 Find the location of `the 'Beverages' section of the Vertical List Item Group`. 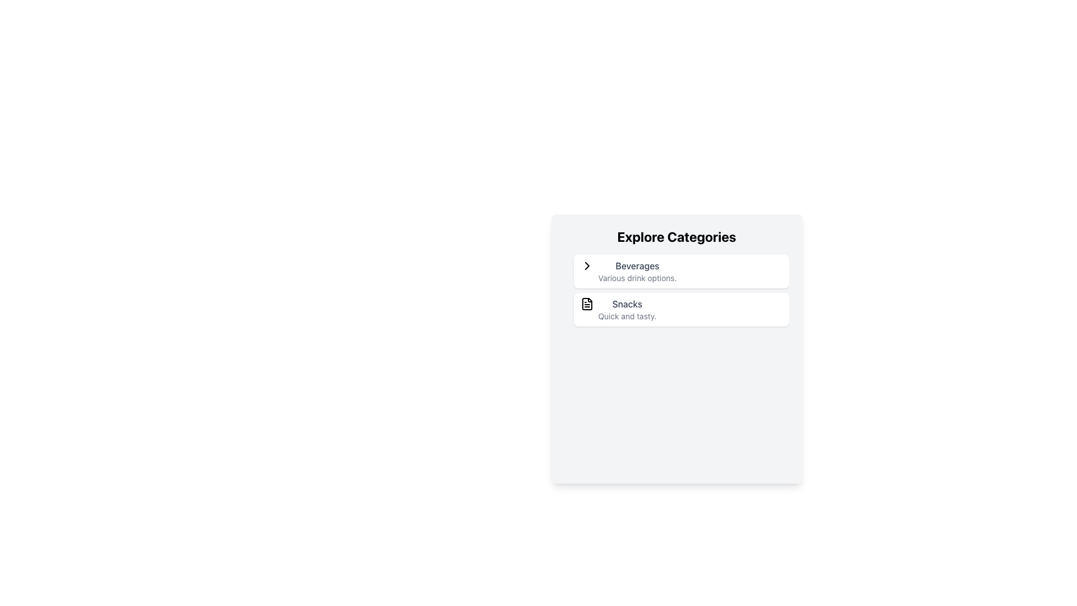

the 'Beverages' section of the Vertical List Item Group is located at coordinates (676, 290).